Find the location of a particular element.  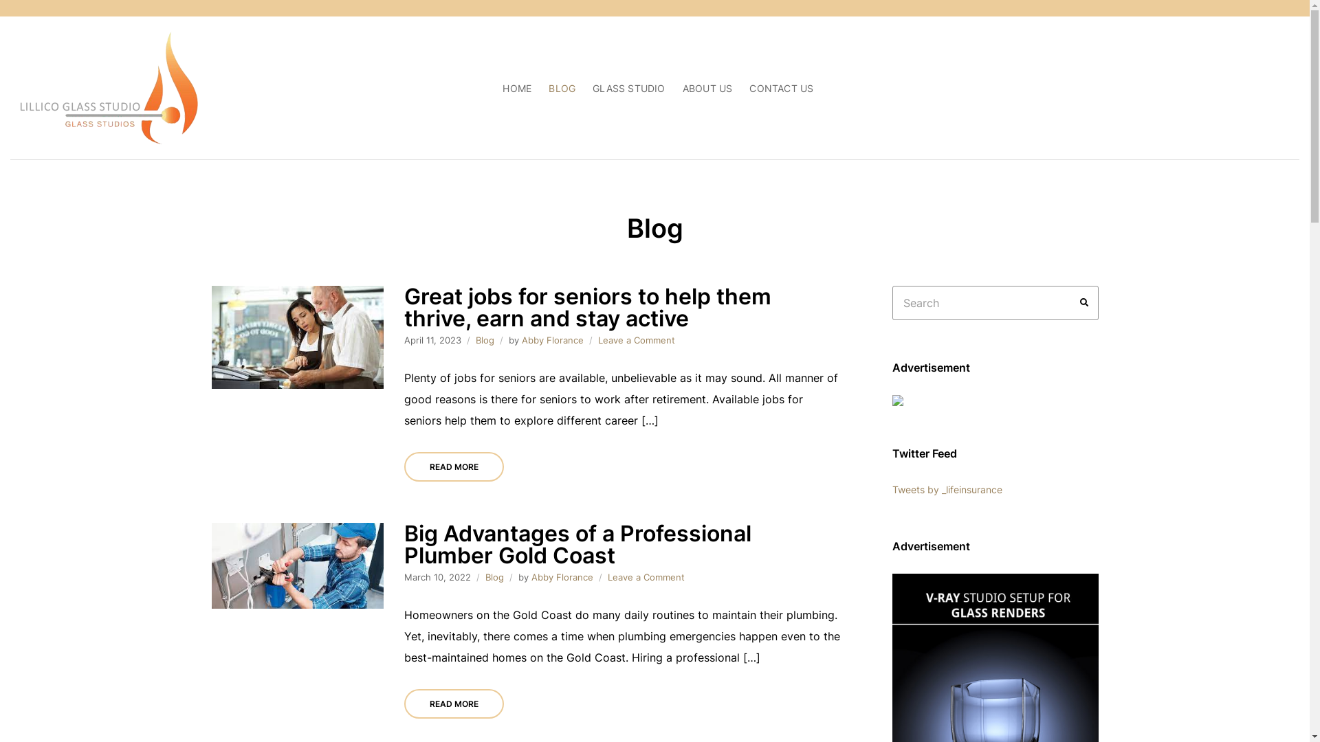

'ABOUT US' is located at coordinates (707, 88).